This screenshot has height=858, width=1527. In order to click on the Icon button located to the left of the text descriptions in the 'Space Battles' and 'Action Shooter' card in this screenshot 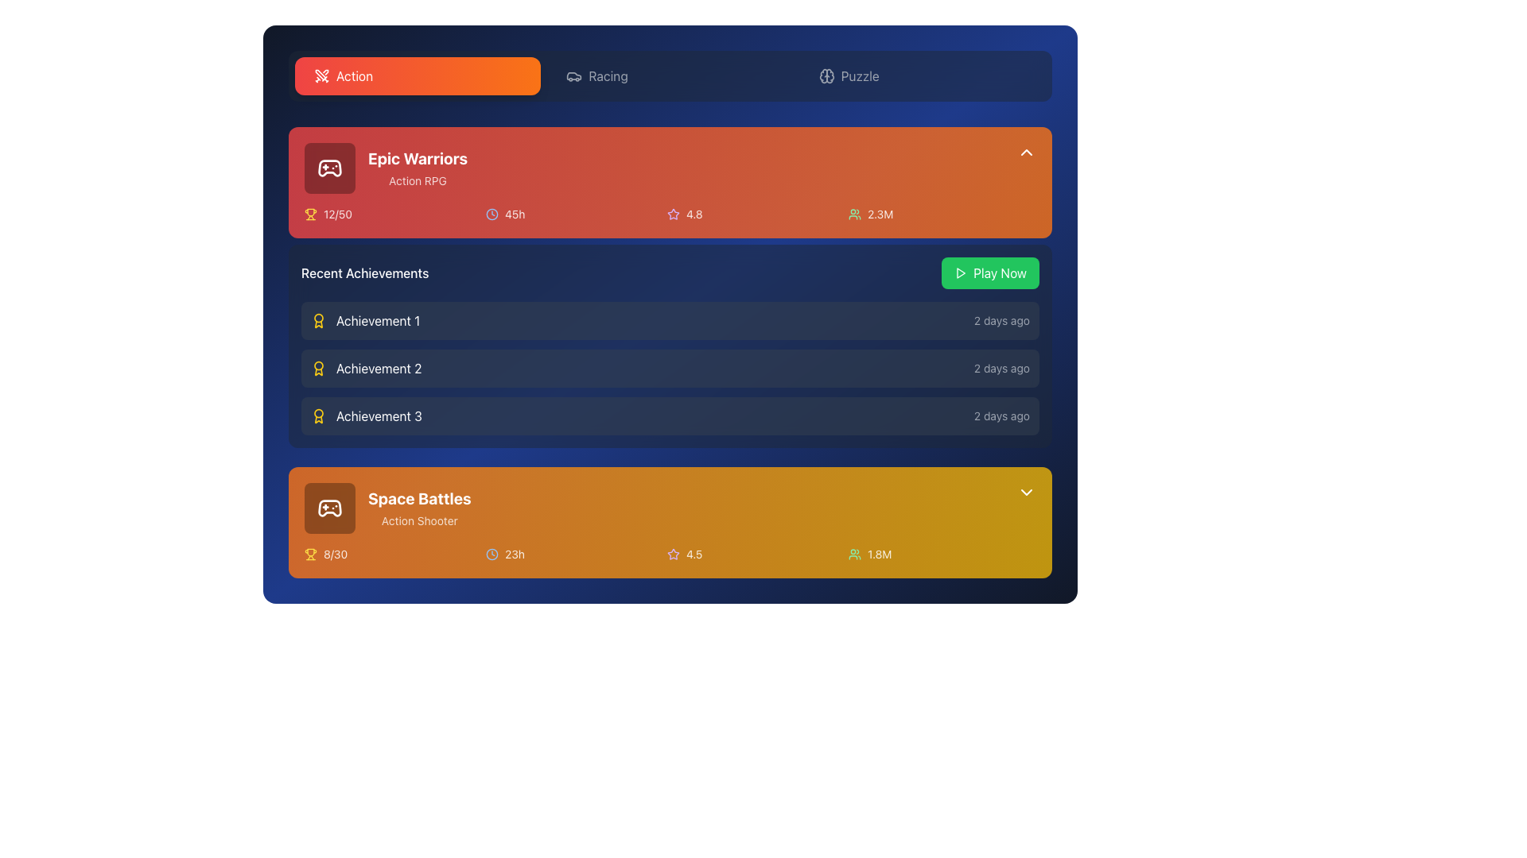, I will do `click(328, 508)`.